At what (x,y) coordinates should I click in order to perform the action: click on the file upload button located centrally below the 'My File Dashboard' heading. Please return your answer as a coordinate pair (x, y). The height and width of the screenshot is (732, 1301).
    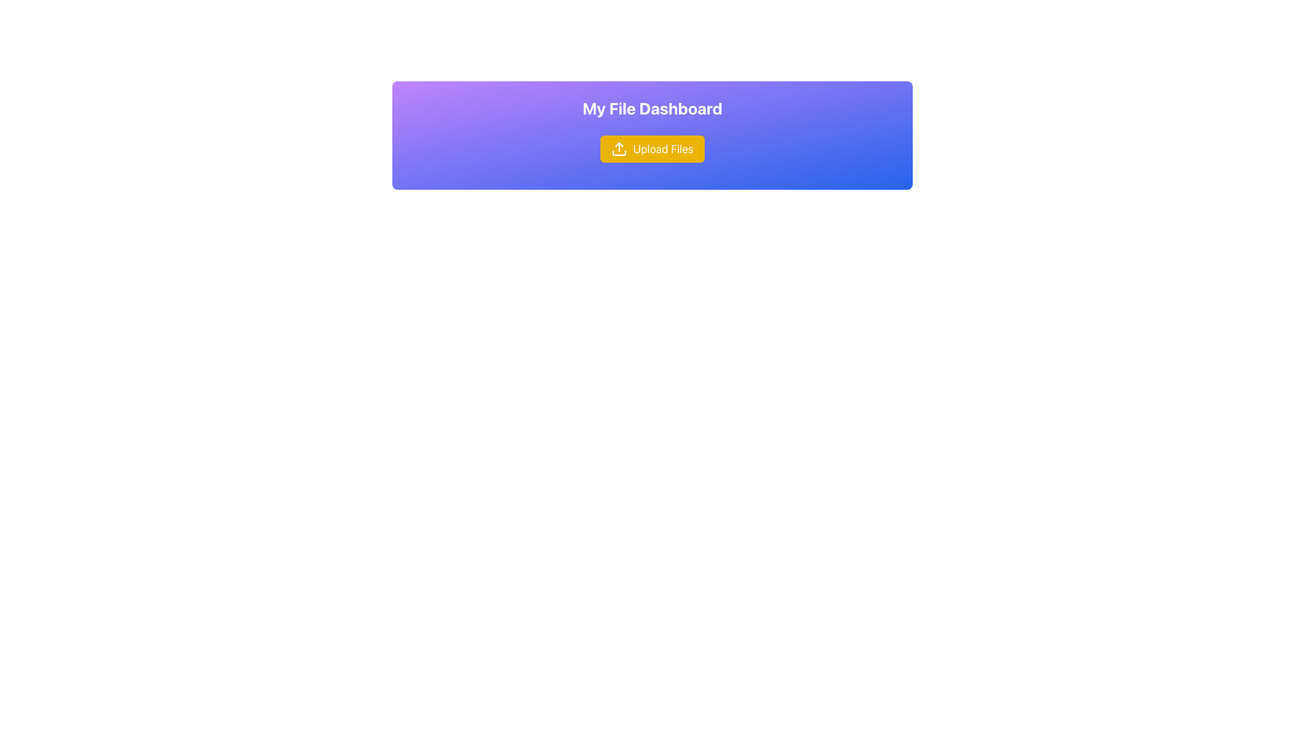
    Looking at the image, I should click on (653, 148).